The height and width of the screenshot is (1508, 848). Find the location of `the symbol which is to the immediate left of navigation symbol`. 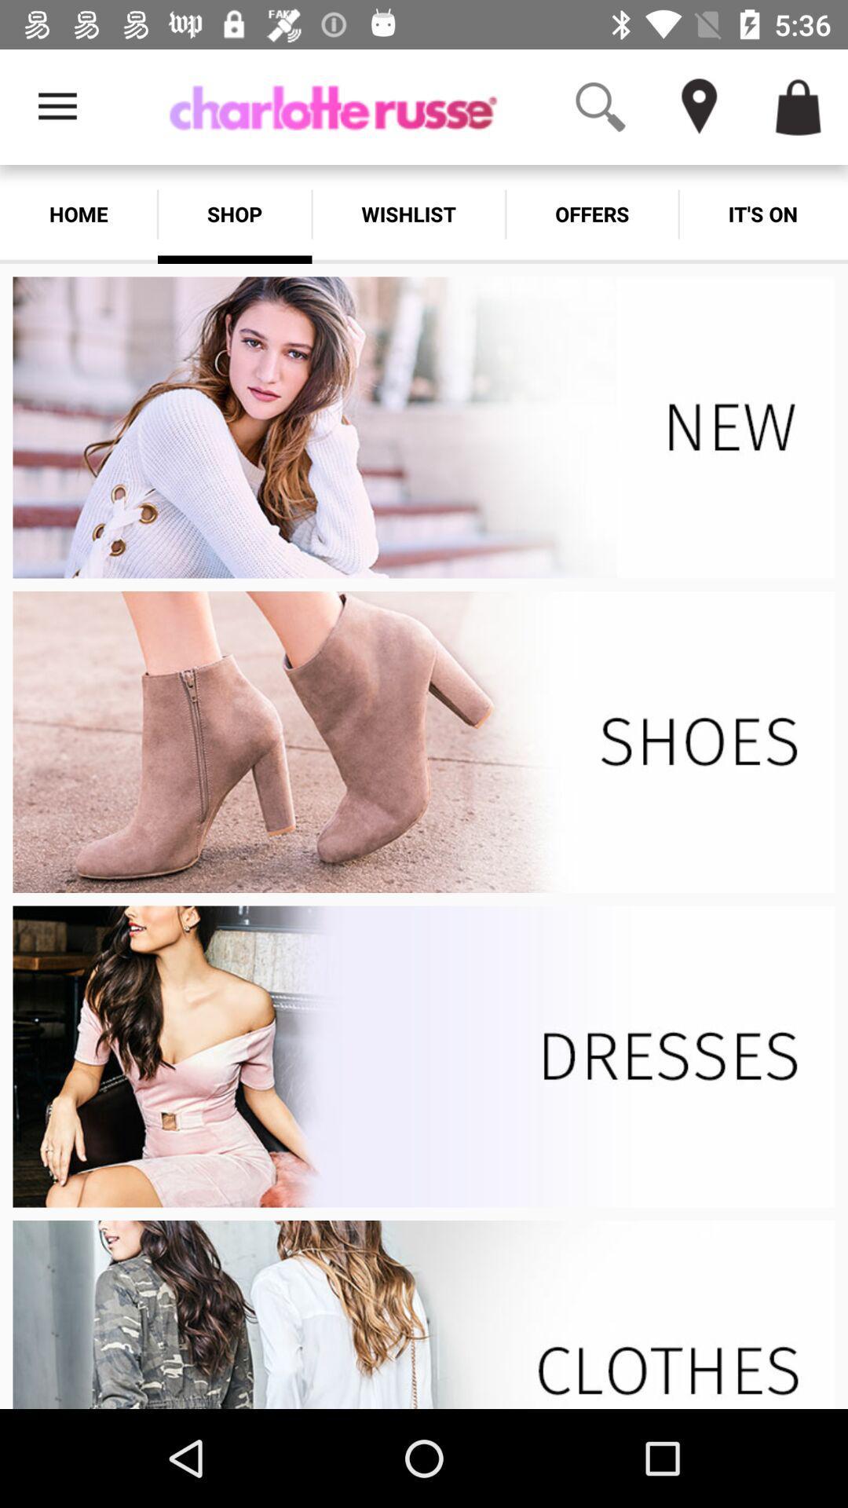

the symbol which is to the immediate left of navigation symbol is located at coordinates (600, 107).